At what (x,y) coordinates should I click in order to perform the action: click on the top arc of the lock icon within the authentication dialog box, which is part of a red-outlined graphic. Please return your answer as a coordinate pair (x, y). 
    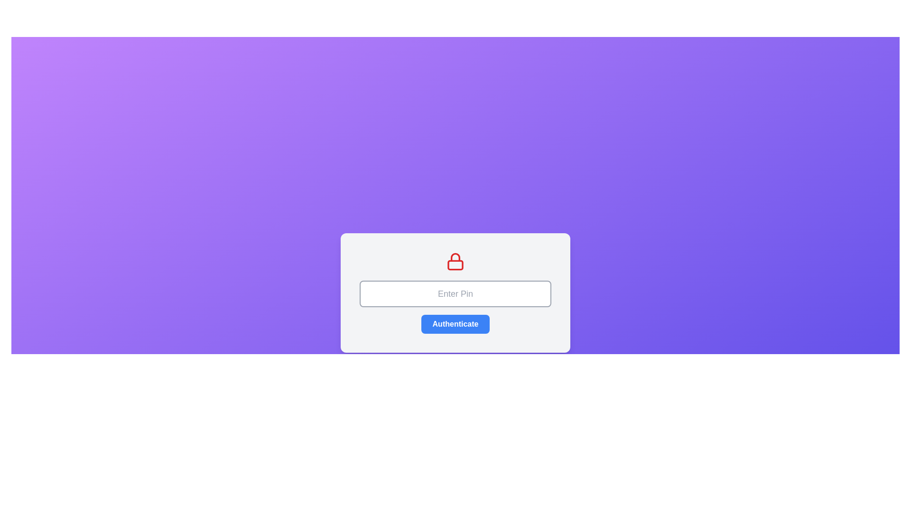
    Looking at the image, I should click on (455, 257).